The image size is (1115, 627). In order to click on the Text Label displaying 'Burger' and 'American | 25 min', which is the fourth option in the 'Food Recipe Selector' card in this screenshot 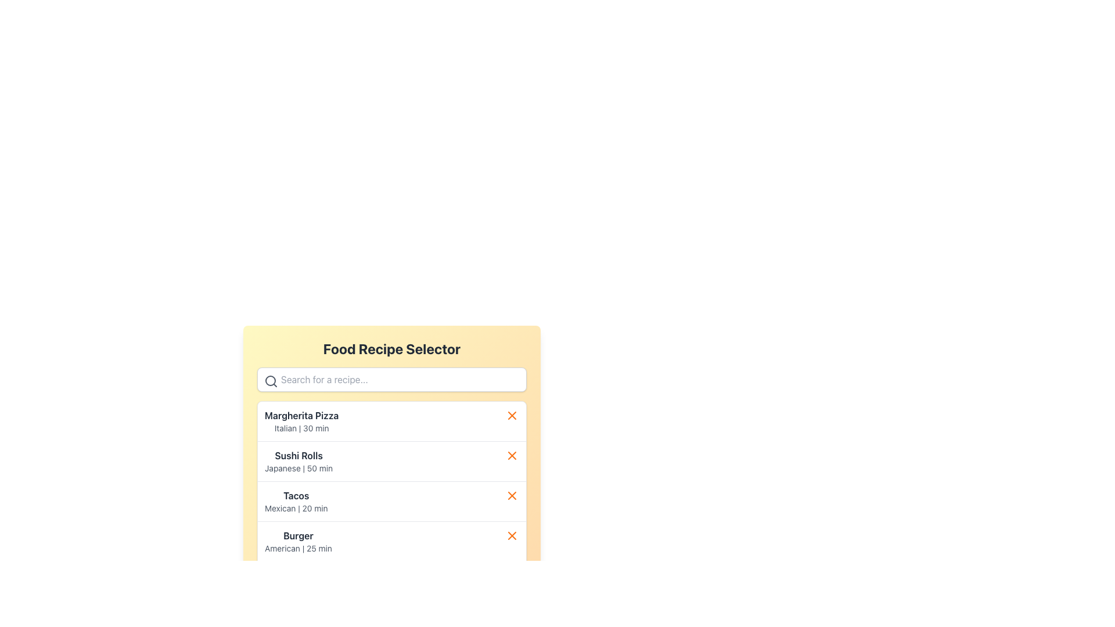, I will do `click(298, 542)`.